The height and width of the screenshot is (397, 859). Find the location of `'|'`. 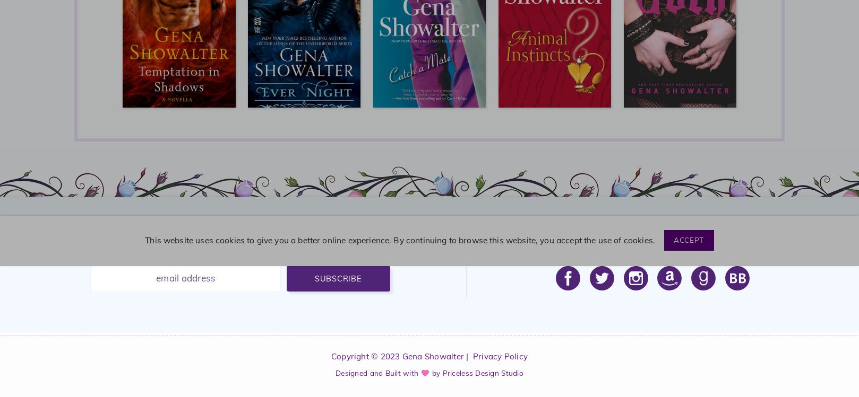

'|' is located at coordinates (468, 356).